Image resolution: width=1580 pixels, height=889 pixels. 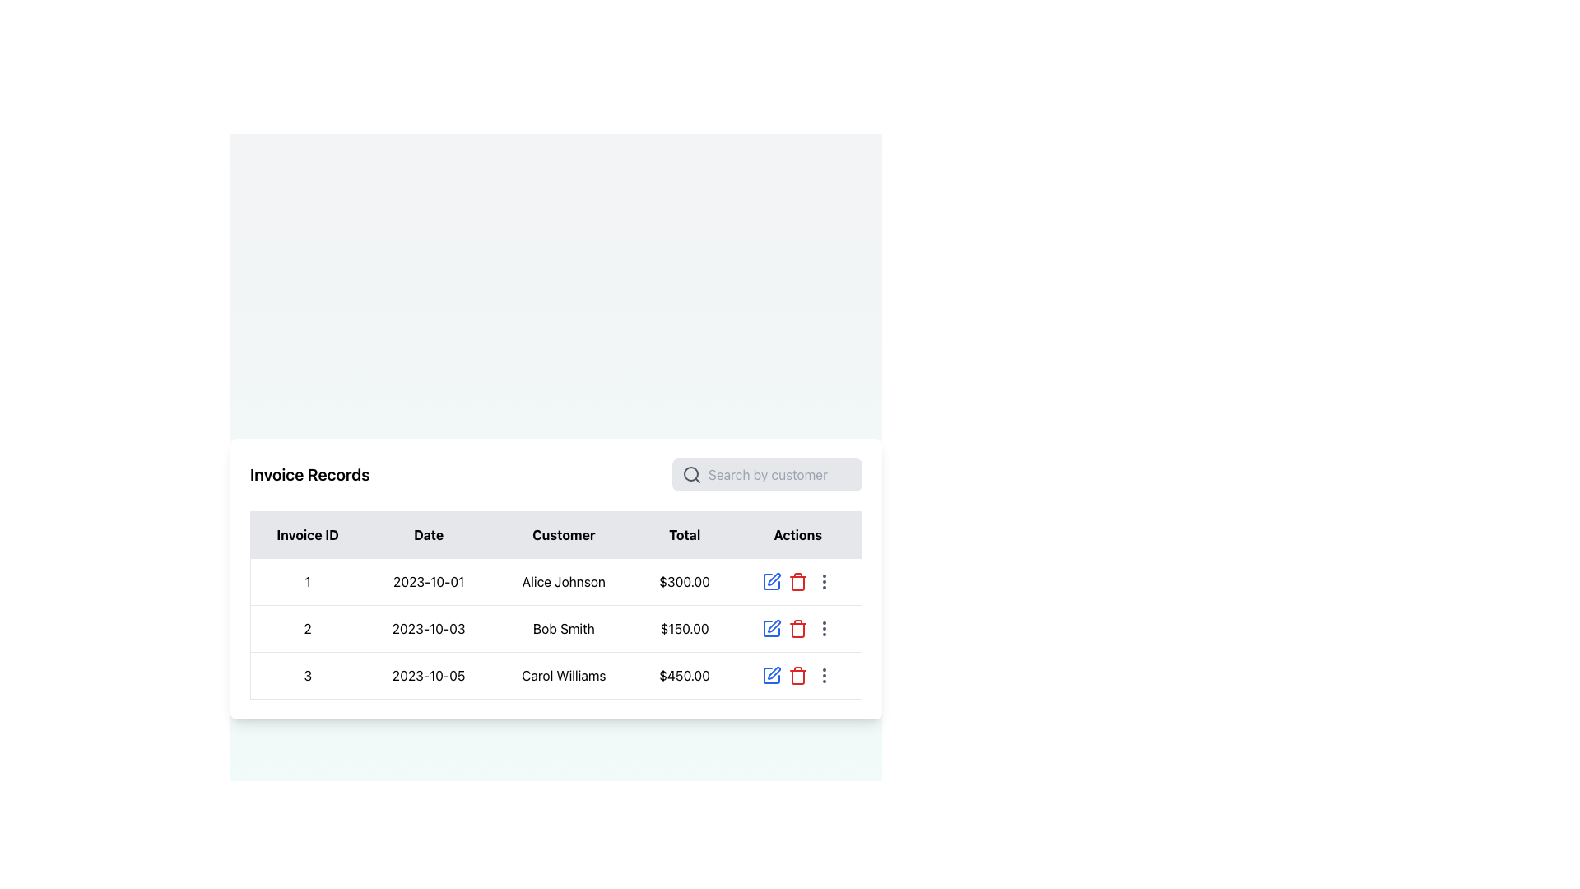 I want to click on the red trash bin icon in the 'Actions' column of the third row, so click(x=797, y=677).